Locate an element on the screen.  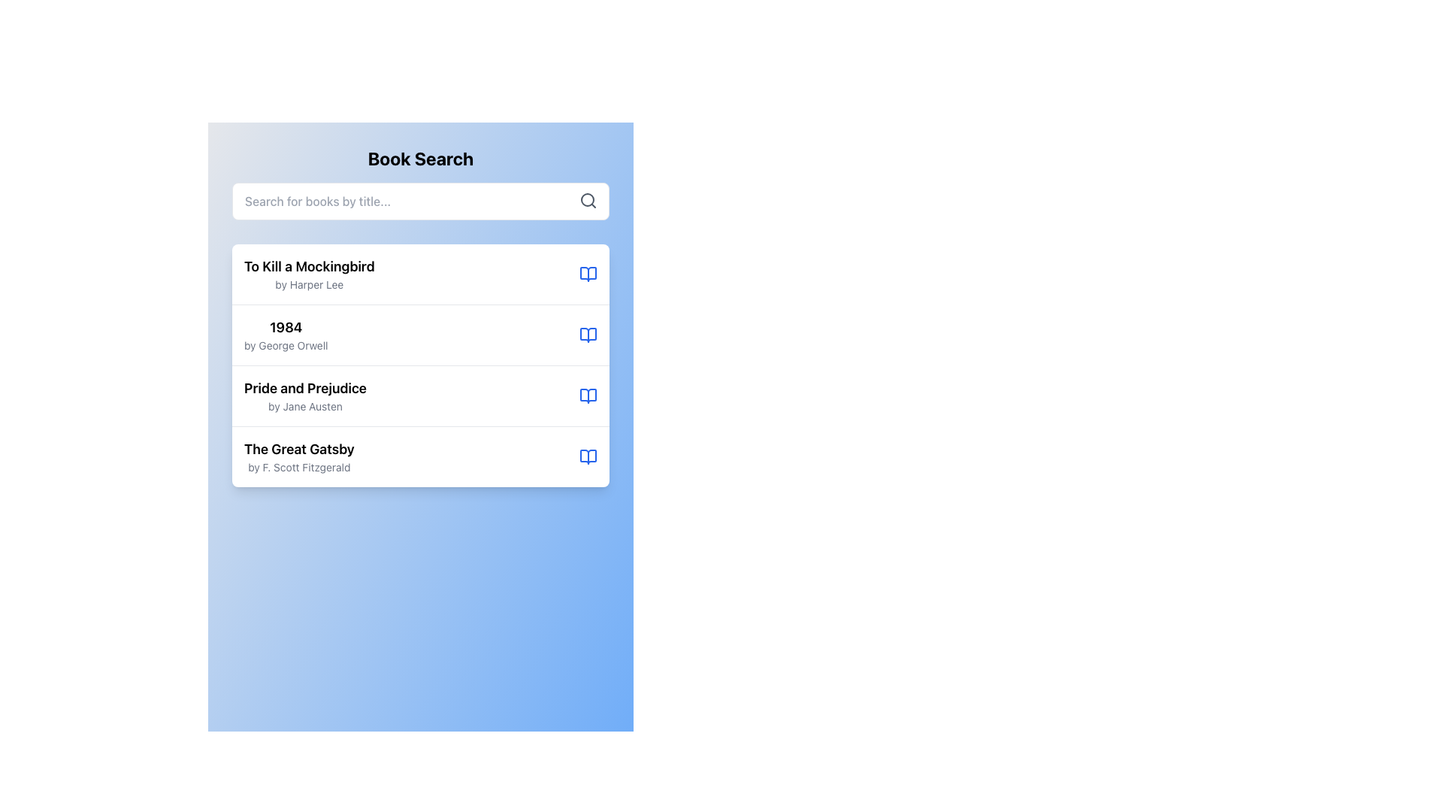
the selectable list item for the book '1984' by George Orwell is located at coordinates (421, 333).